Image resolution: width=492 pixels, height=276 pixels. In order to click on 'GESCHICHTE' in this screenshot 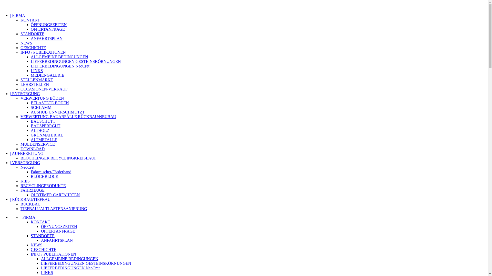, I will do `click(33, 48)`.